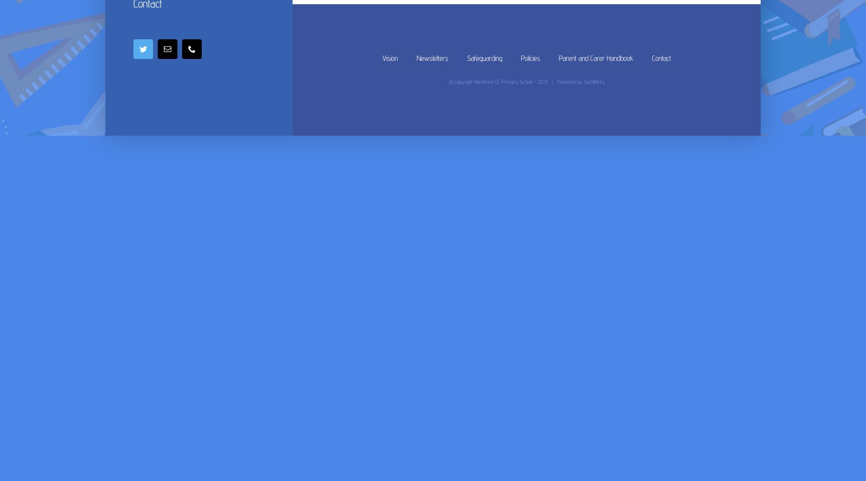 This screenshot has height=481, width=866. What do you see at coordinates (484, 138) in the screenshot?
I see `'Computing'` at bounding box center [484, 138].